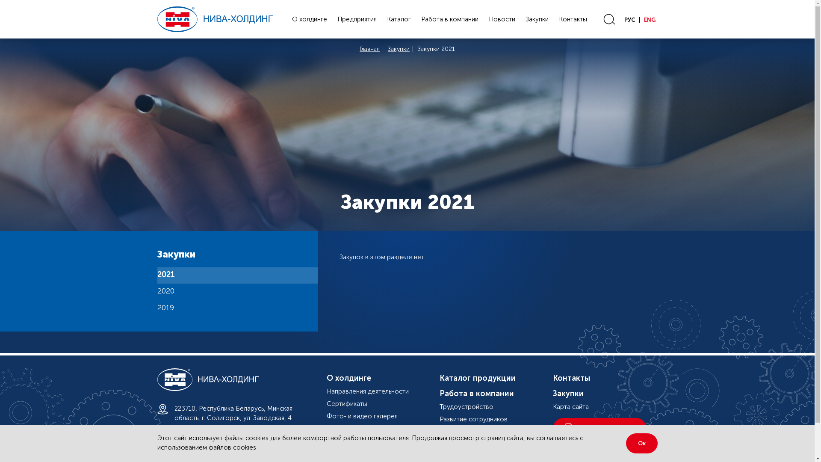 Image resolution: width=821 pixels, height=462 pixels. What do you see at coordinates (238, 291) in the screenshot?
I see `'2020'` at bounding box center [238, 291].